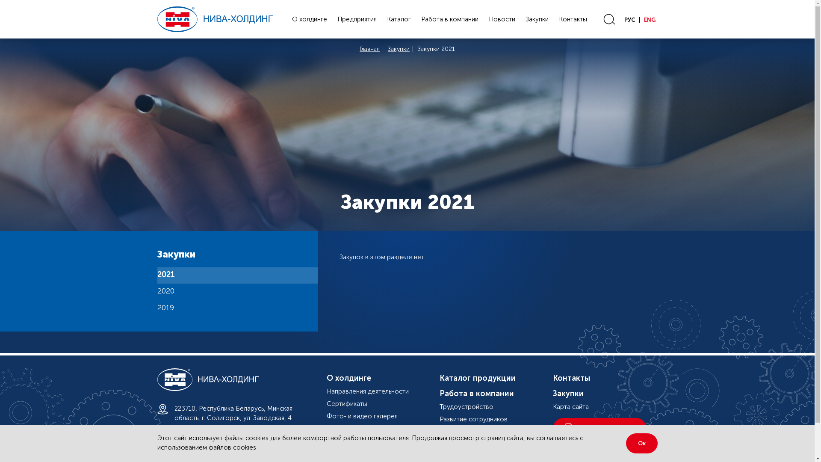 Image resolution: width=821 pixels, height=462 pixels. What do you see at coordinates (238, 291) in the screenshot?
I see `'2020'` at bounding box center [238, 291].